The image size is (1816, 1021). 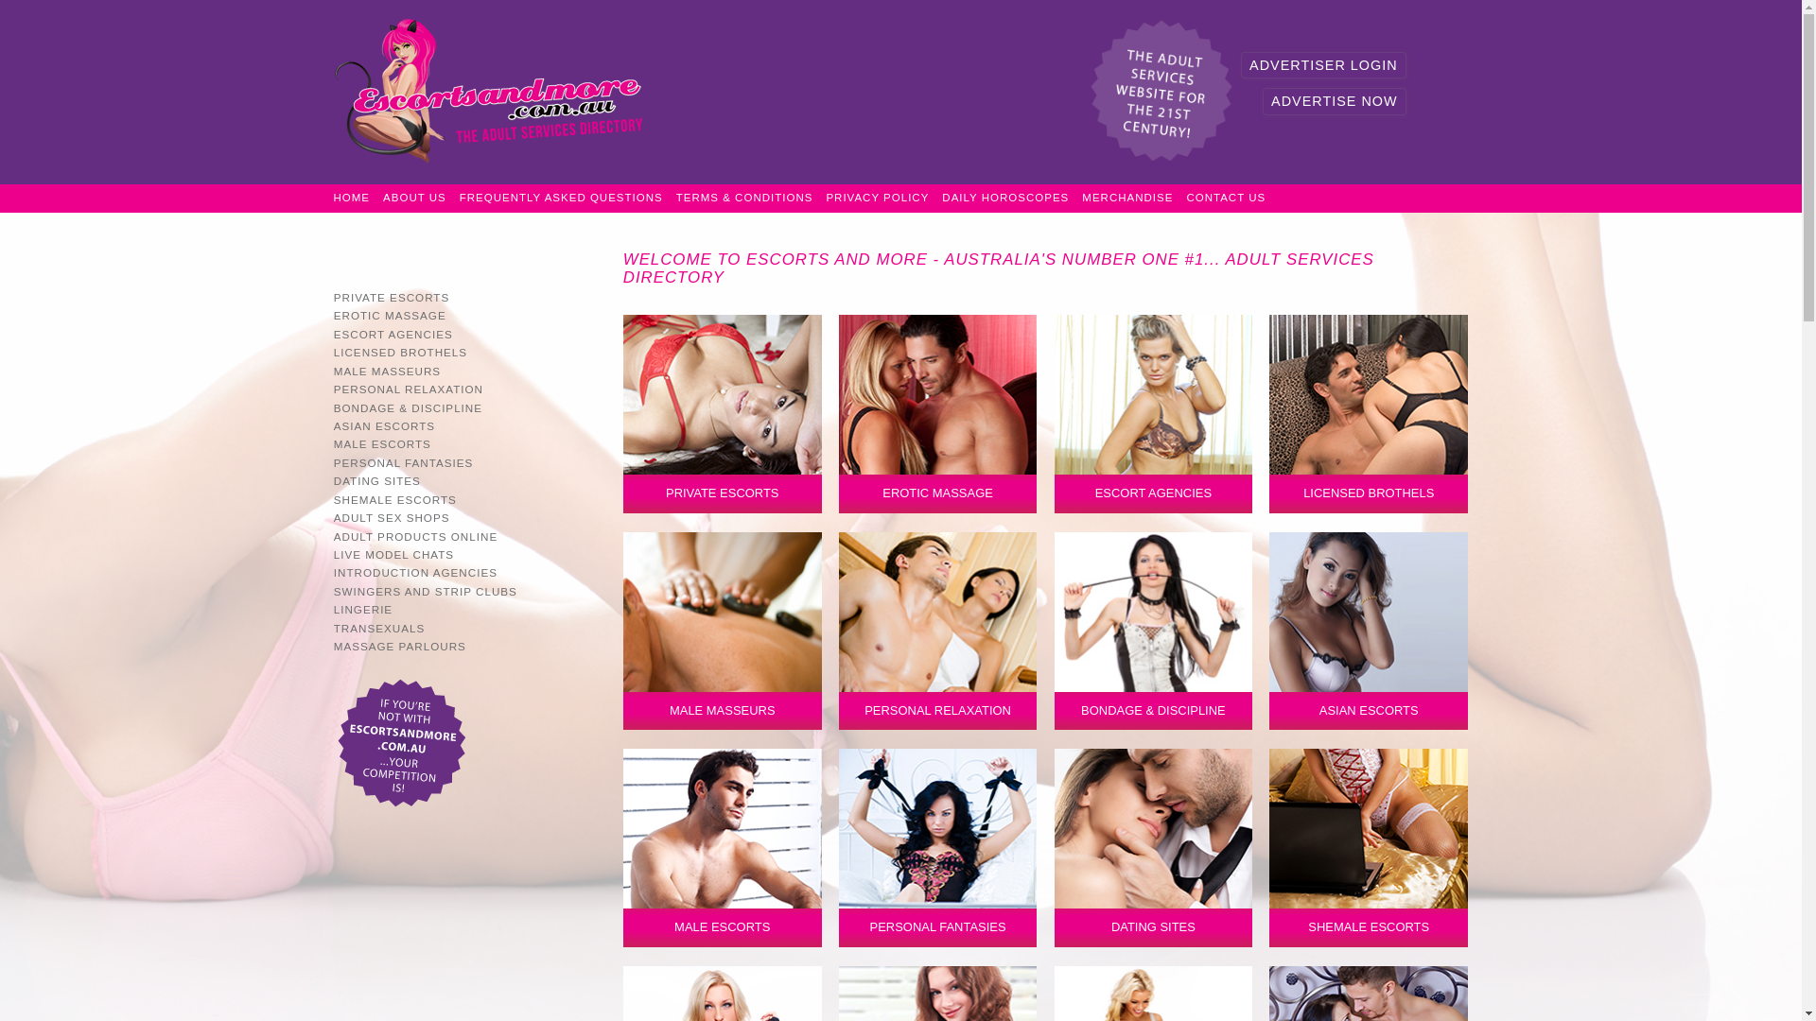 I want to click on 'Personal Relaxation', so click(x=938, y=631).